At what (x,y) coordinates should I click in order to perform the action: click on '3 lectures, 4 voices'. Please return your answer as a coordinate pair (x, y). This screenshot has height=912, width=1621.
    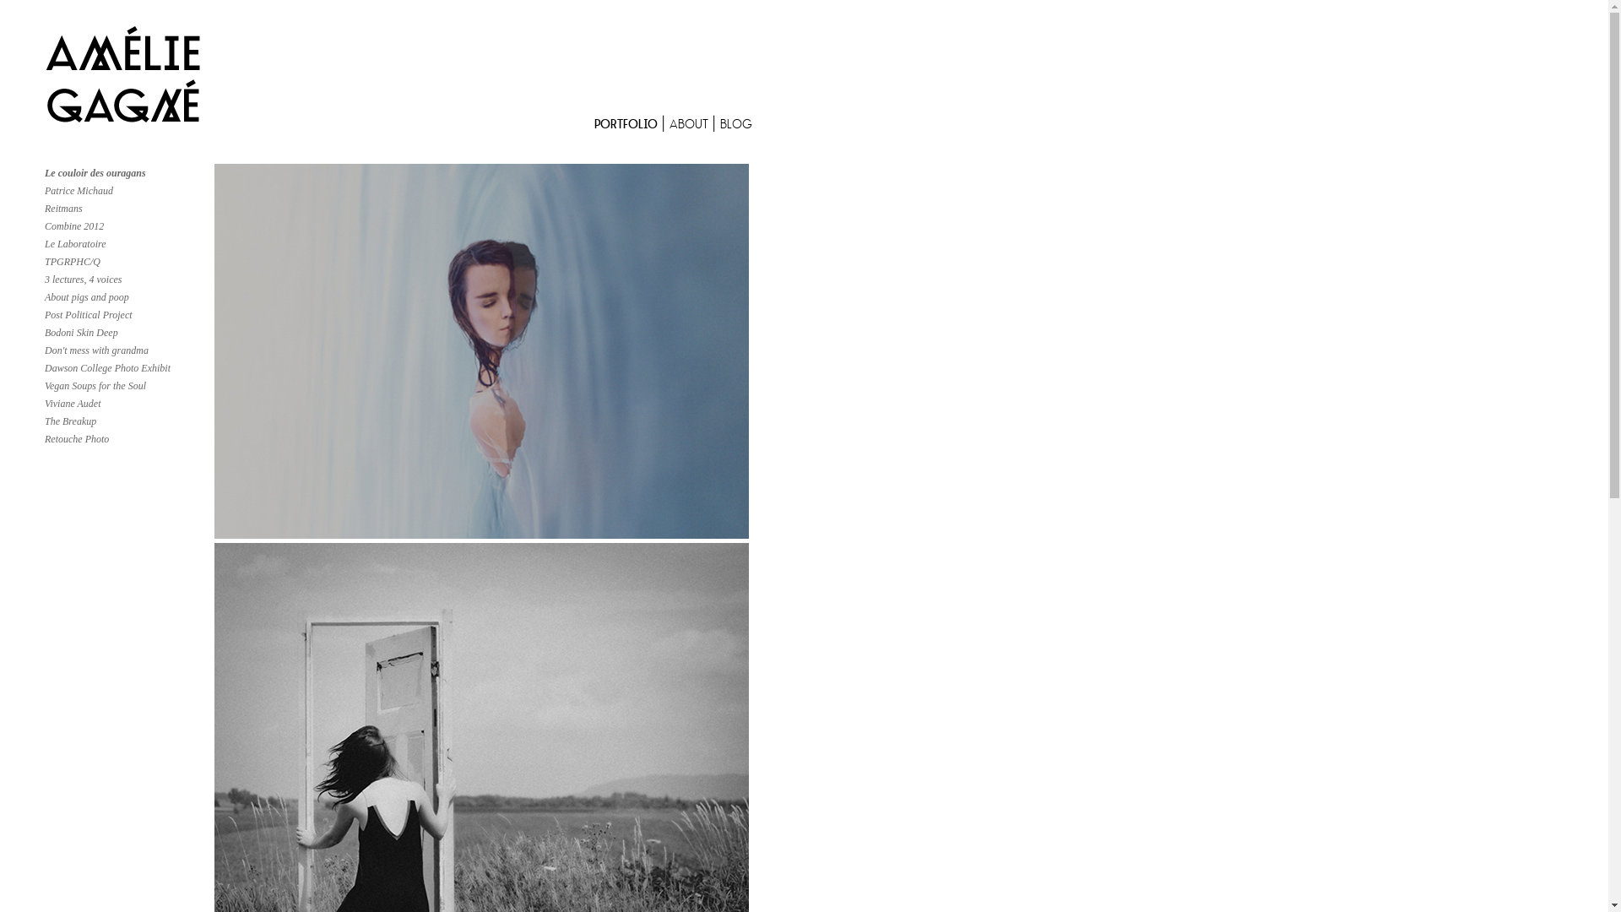
    Looking at the image, I should click on (83, 279).